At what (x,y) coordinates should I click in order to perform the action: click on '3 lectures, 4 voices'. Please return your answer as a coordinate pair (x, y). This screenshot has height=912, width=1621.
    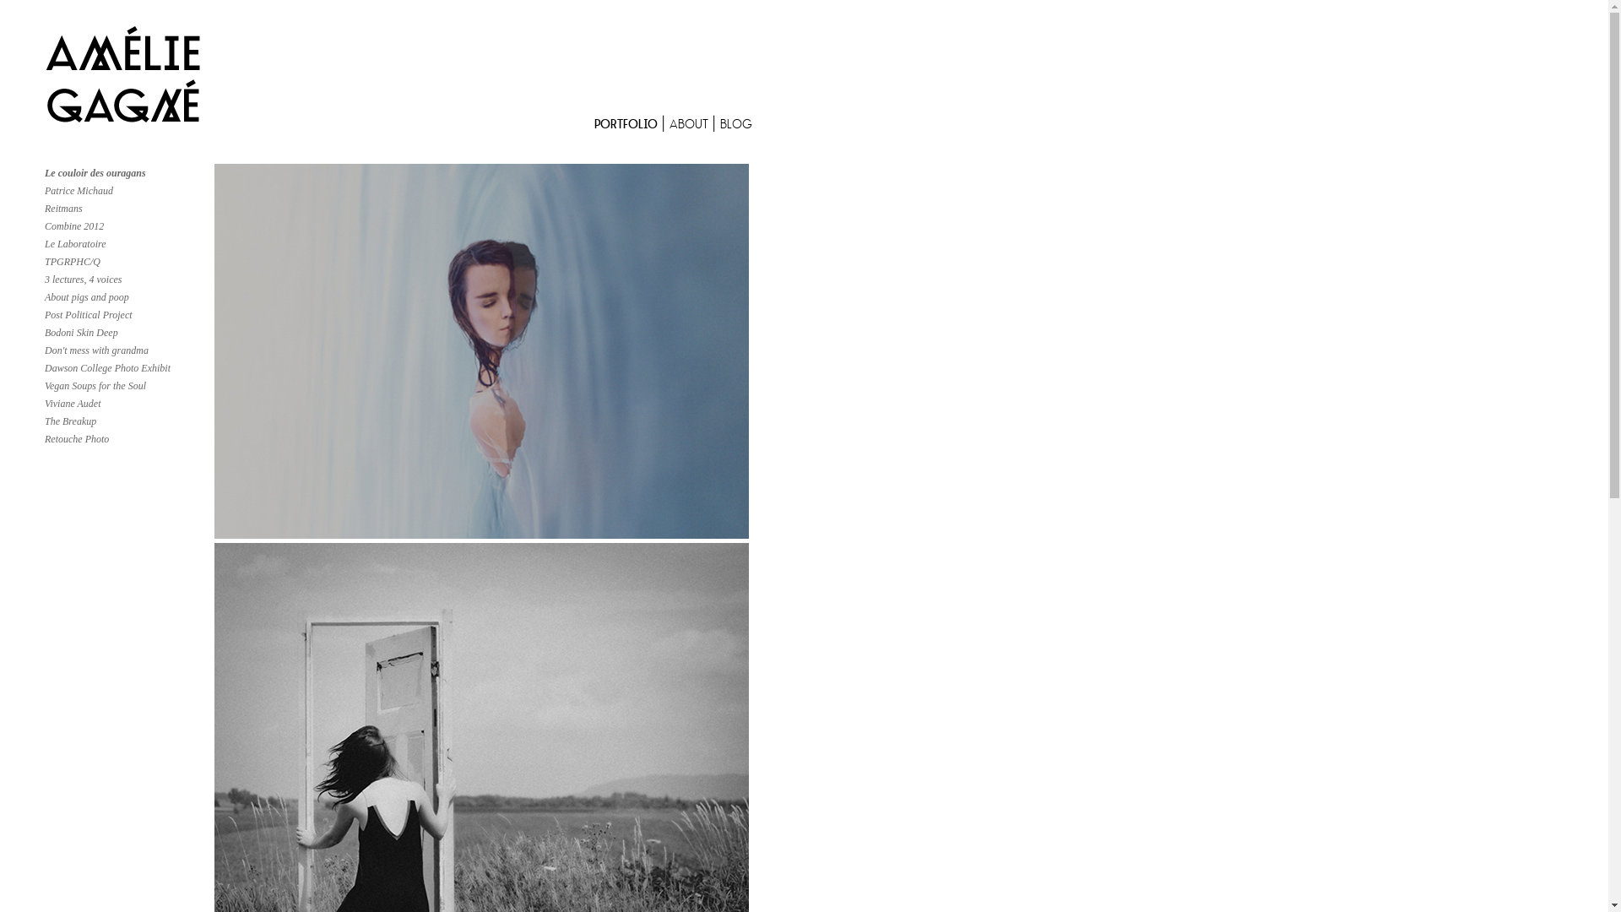
    Looking at the image, I should click on (83, 279).